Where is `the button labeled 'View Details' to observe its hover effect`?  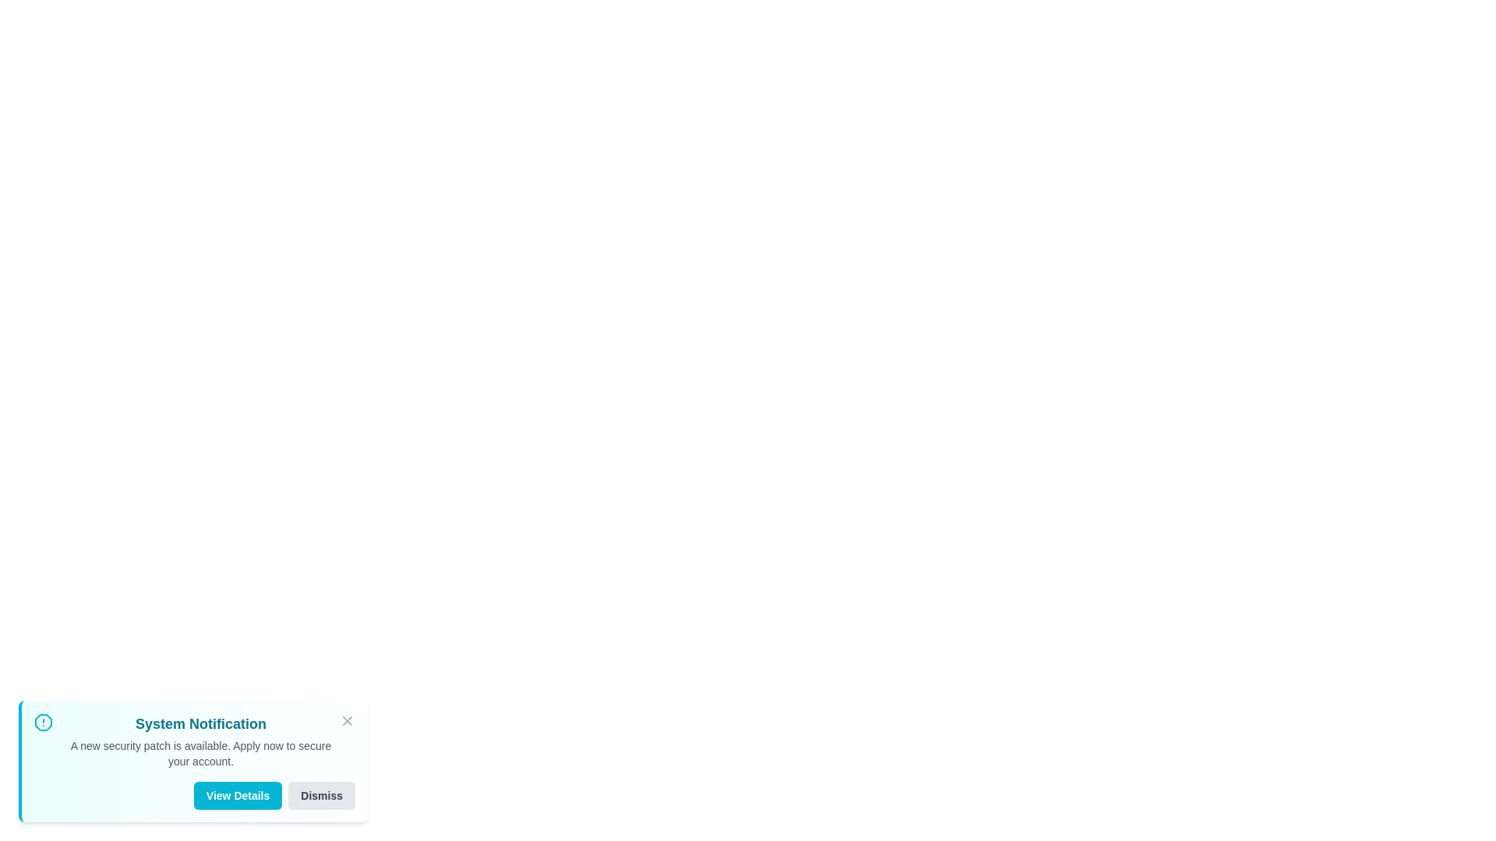
the button labeled 'View Details' to observe its hover effect is located at coordinates (237, 796).